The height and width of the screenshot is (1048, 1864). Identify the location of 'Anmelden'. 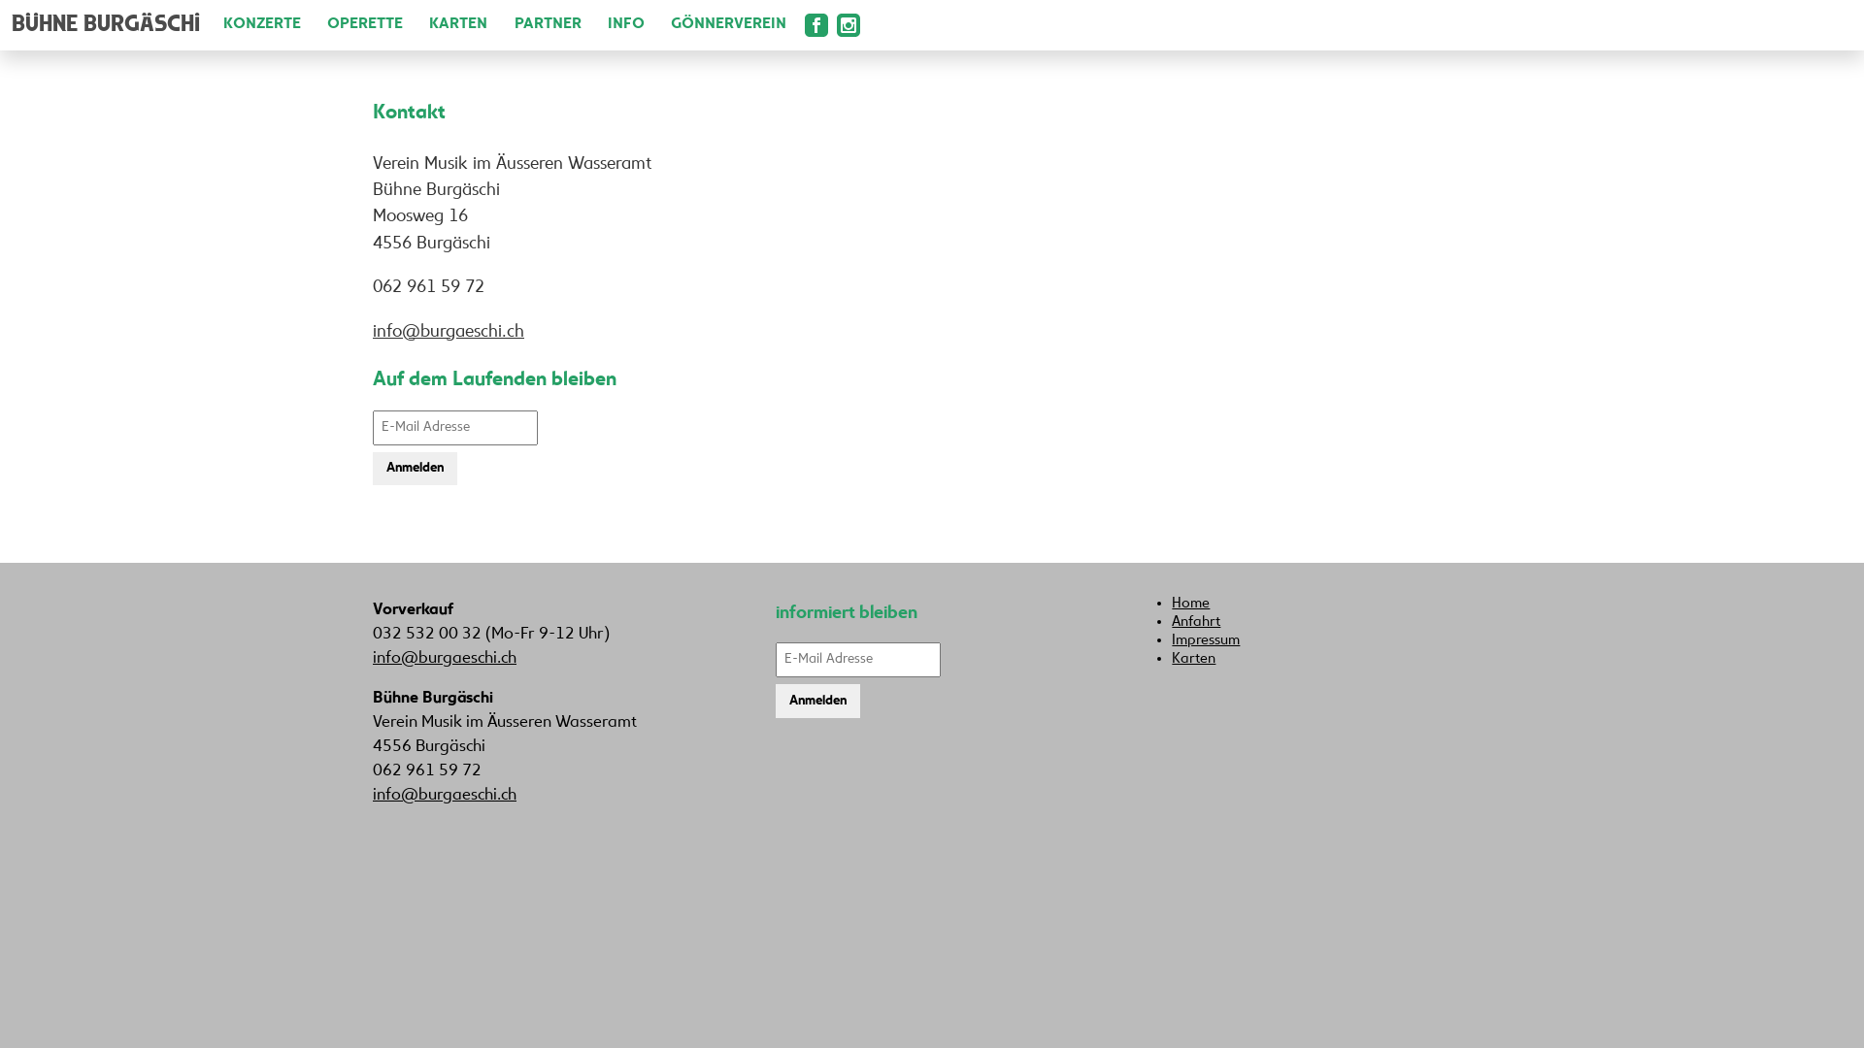
(817, 701).